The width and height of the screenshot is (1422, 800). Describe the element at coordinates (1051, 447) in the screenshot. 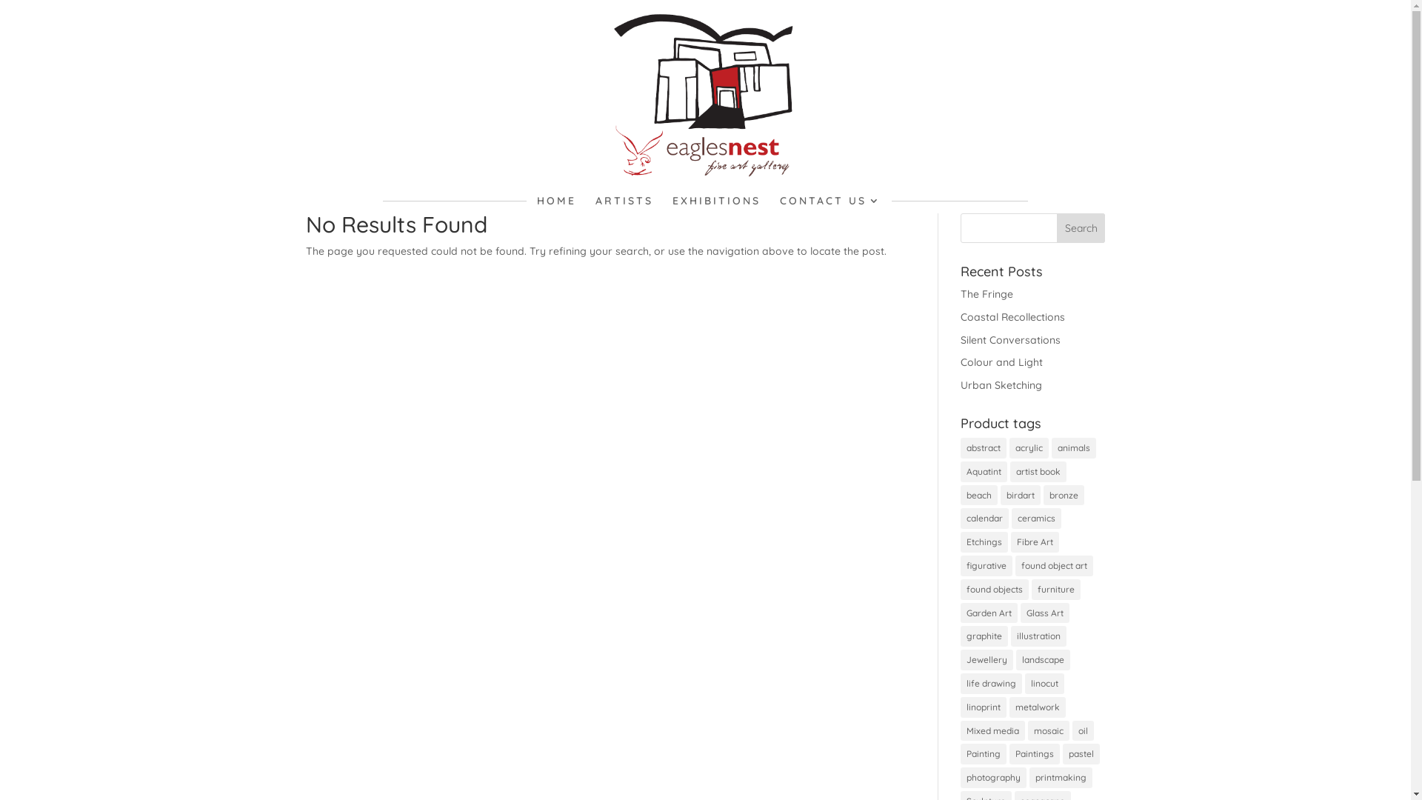

I see `'animals'` at that location.